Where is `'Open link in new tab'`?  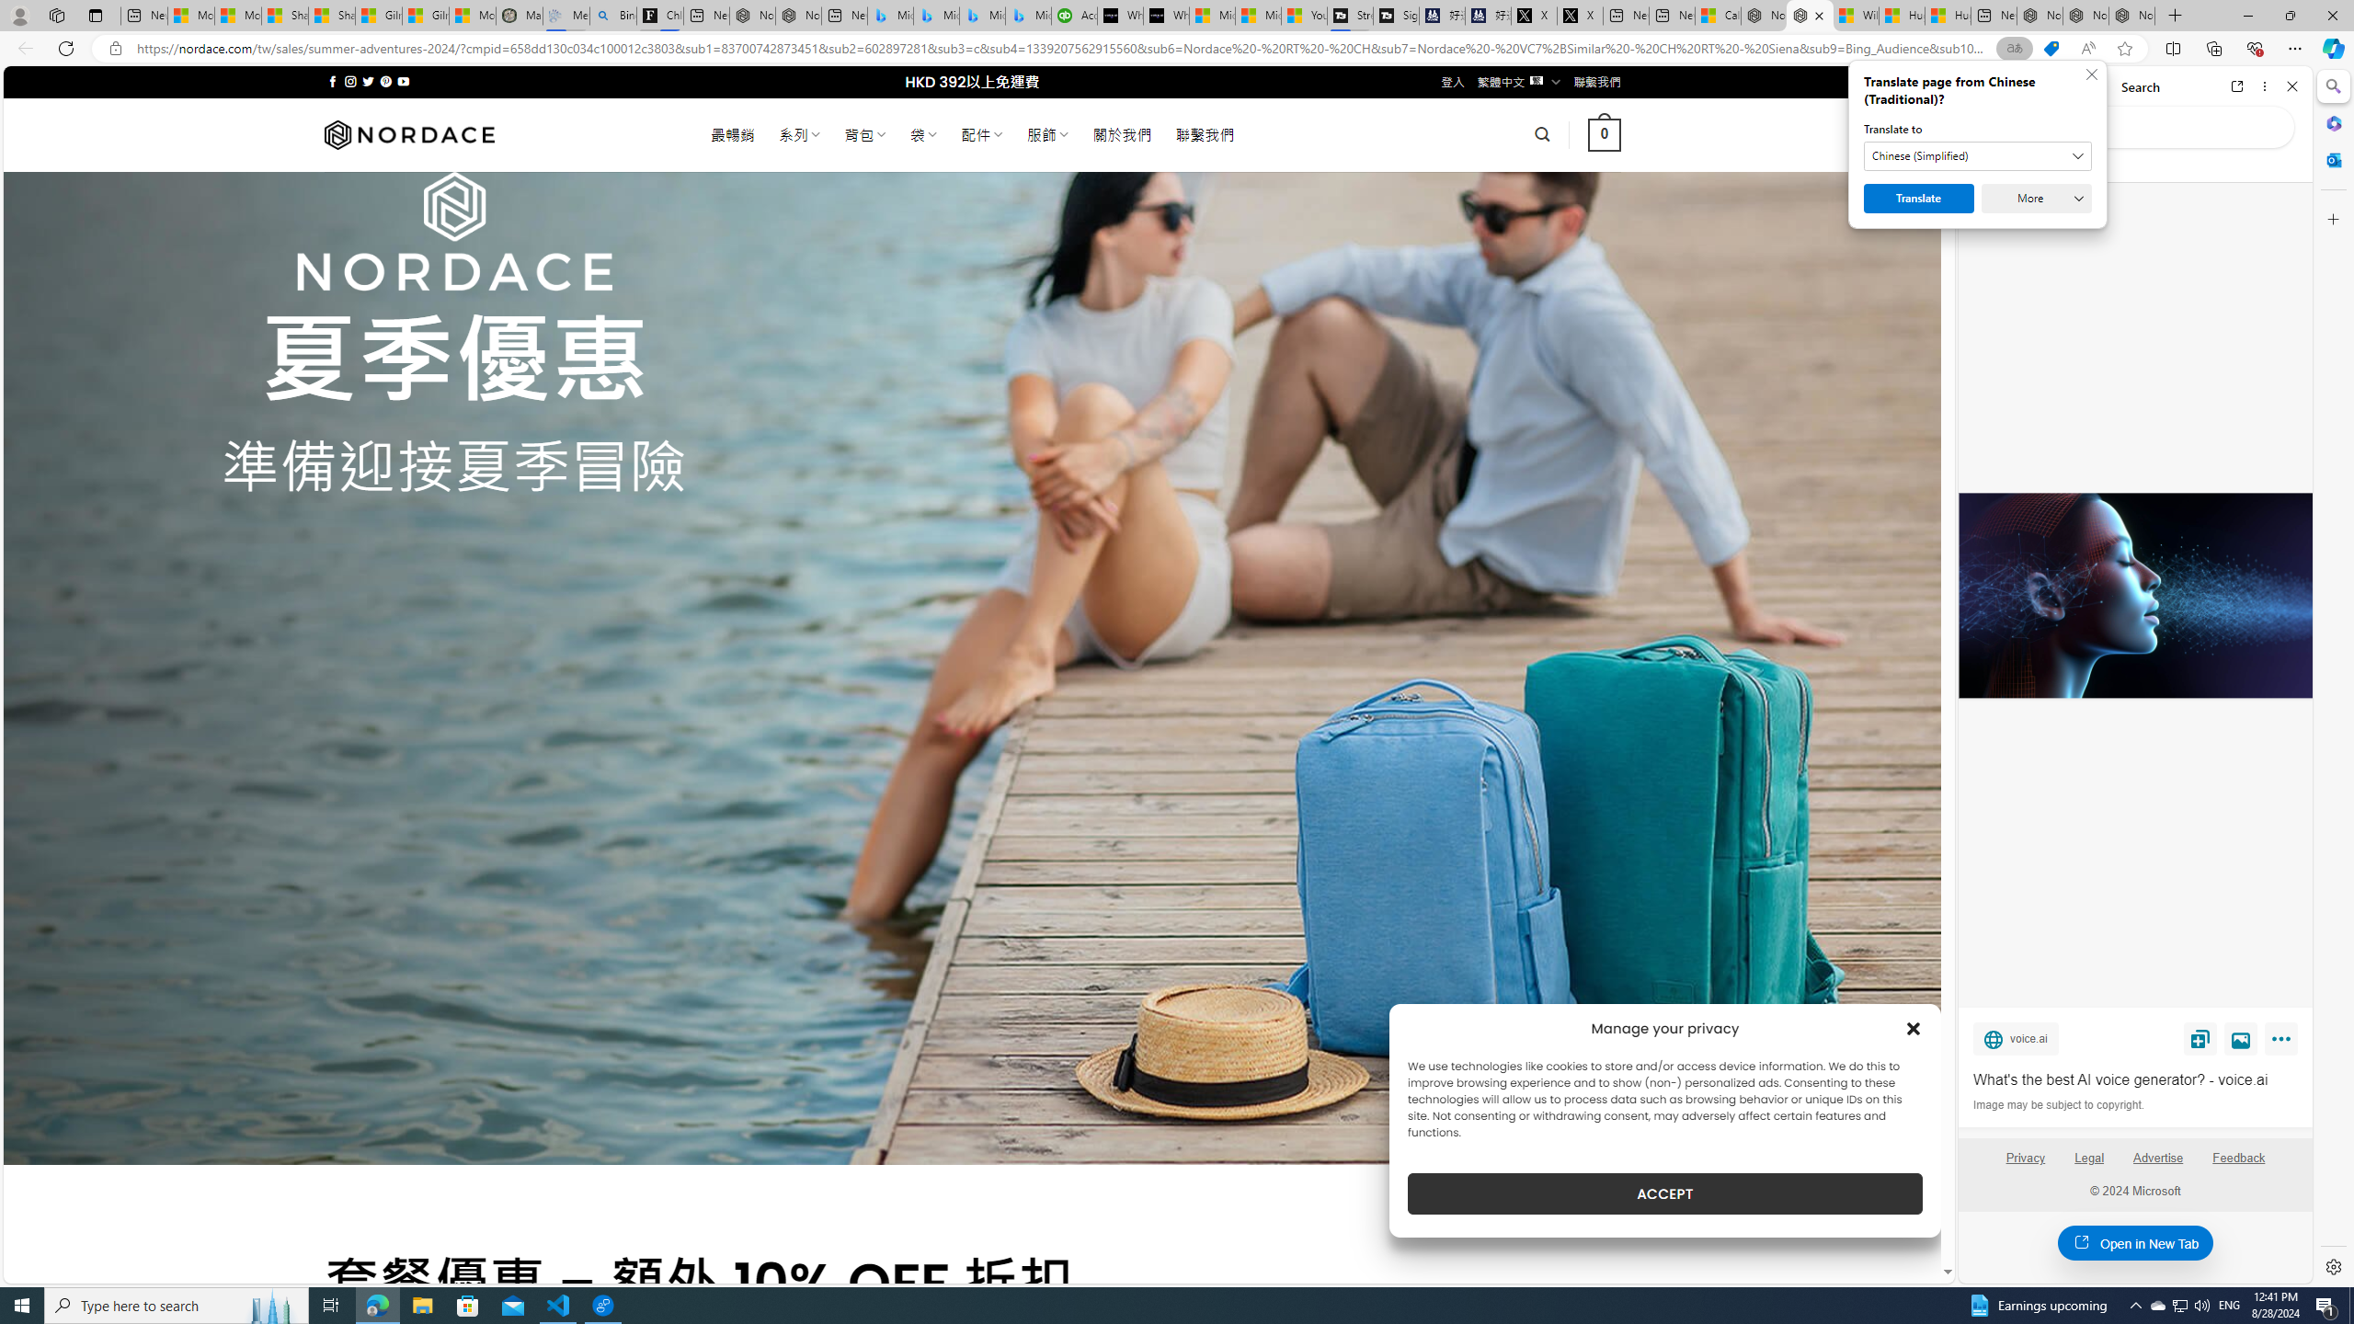 'Open link in new tab' is located at coordinates (2237, 86).